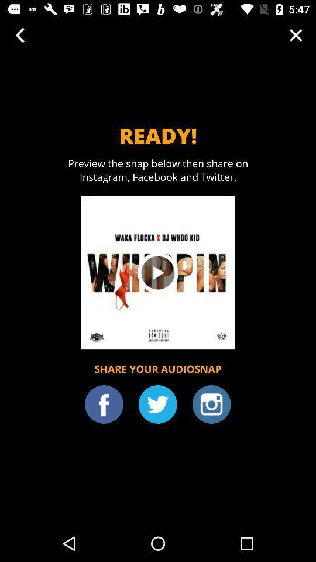 The width and height of the screenshot is (316, 562). Describe the element at coordinates (295, 35) in the screenshot. I see `the close icon` at that location.